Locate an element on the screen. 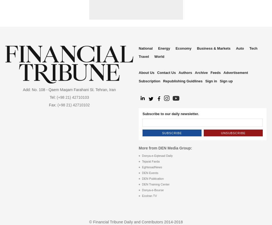 Image resolution: width=272 pixels, height=225 pixels. 'Business & Markets' is located at coordinates (214, 48).